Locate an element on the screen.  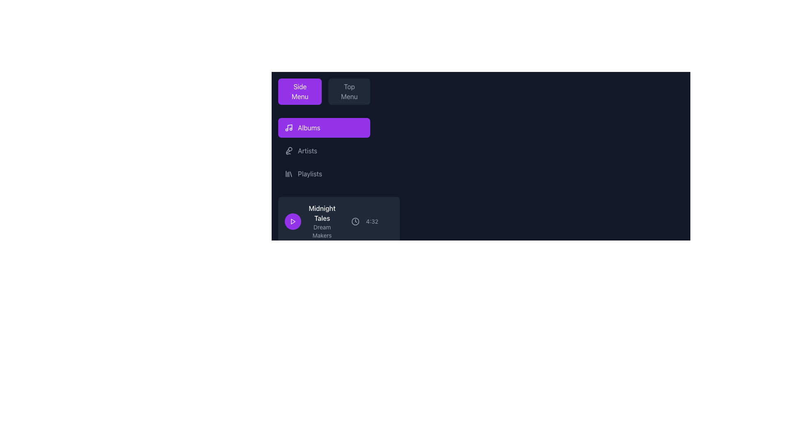
the duration displayed in the text-based display located to the right of the clock icon within the media details box is located at coordinates (371, 221).